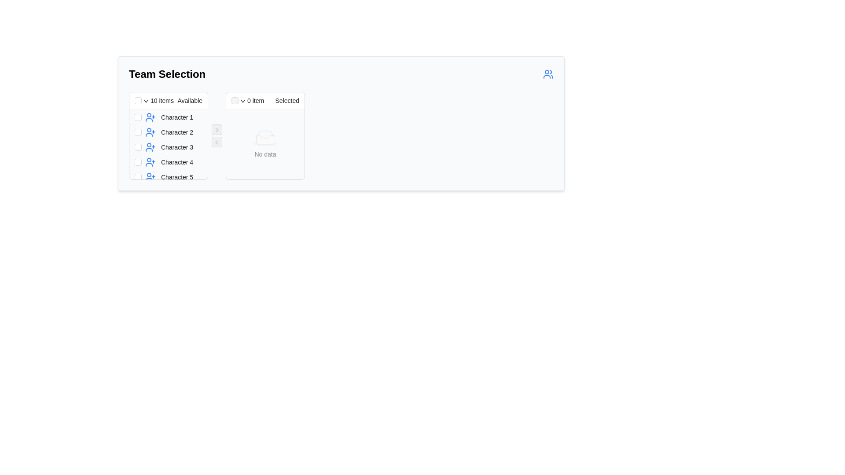  What do you see at coordinates (150, 162) in the screenshot?
I see `the details of the icon representing the action of adding or inviting 'Character 4', which is located to the immediate left of the text 'Character 4'` at bounding box center [150, 162].